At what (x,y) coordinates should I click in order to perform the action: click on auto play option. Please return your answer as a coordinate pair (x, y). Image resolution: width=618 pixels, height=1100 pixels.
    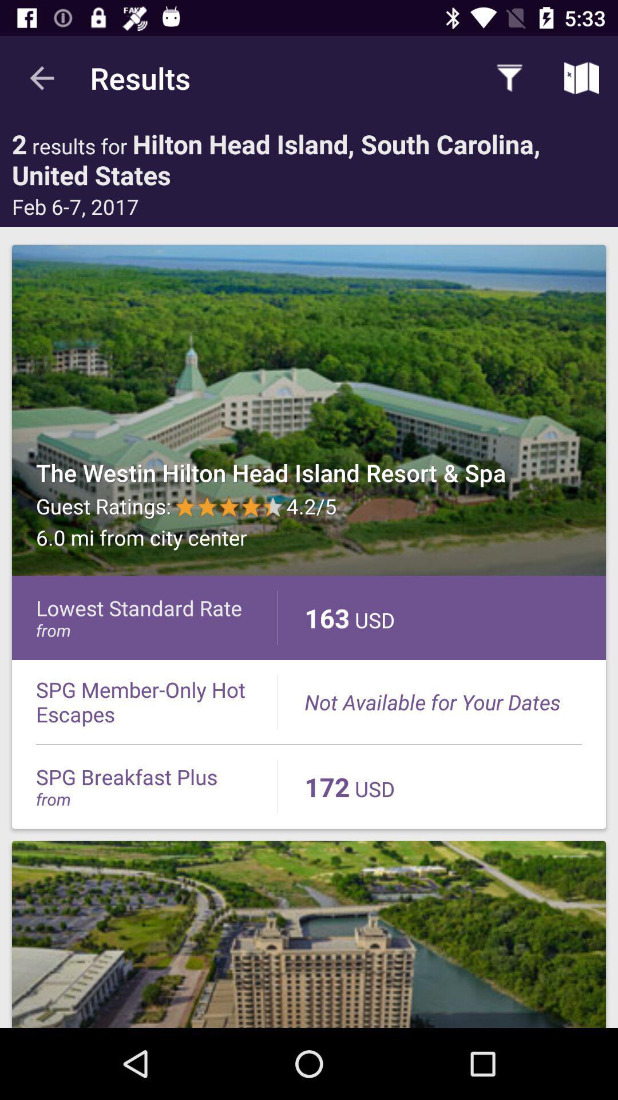
    Looking at the image, I should click on (309, 934).